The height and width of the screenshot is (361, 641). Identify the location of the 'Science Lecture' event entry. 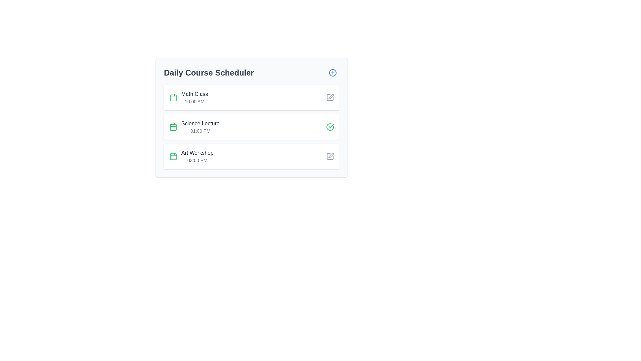
(251, 127).